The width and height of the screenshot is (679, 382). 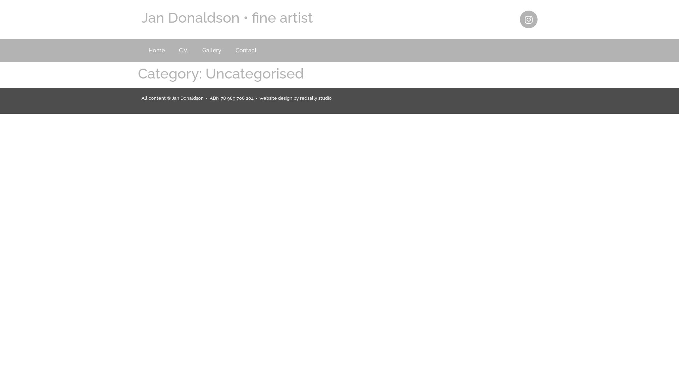 What do you see at coordinates (246, 50) in the screenshot?
I see `'Contact'` at bounding box center [246, 50].